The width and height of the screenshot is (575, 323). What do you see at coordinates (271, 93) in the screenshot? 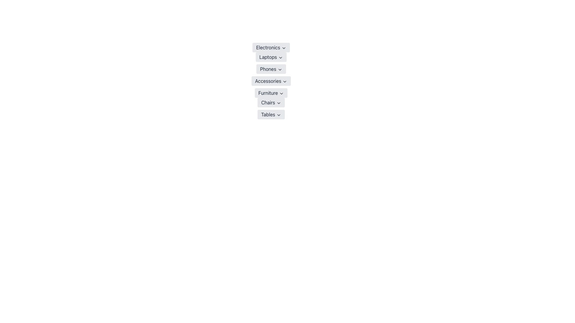
I see `the dropdown button located fourth in a vertical list of buttons, positioned below 'Accessories' and above 'Chairs'` at bounding box center [271, 93].